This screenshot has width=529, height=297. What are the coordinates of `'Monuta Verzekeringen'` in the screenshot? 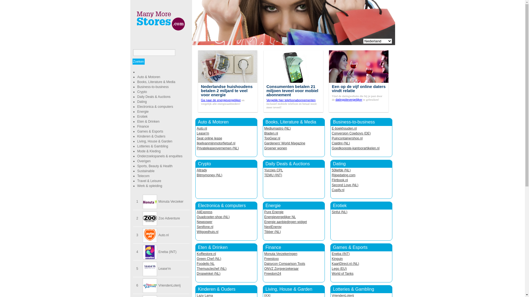 It's located at (280, 254).